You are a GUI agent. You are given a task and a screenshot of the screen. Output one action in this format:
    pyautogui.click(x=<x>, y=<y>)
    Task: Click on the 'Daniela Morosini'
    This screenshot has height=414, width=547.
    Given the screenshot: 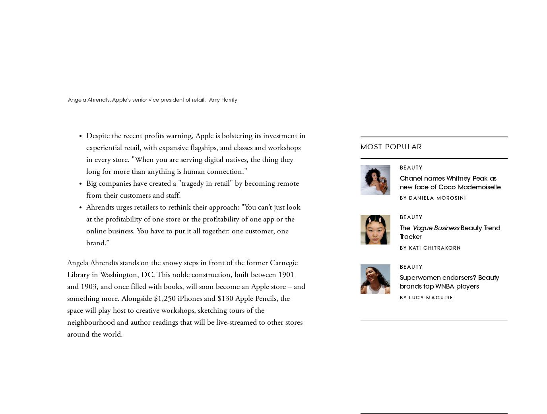 What is the action you would take?
    pyautogui.click(x=436, y=198)
    